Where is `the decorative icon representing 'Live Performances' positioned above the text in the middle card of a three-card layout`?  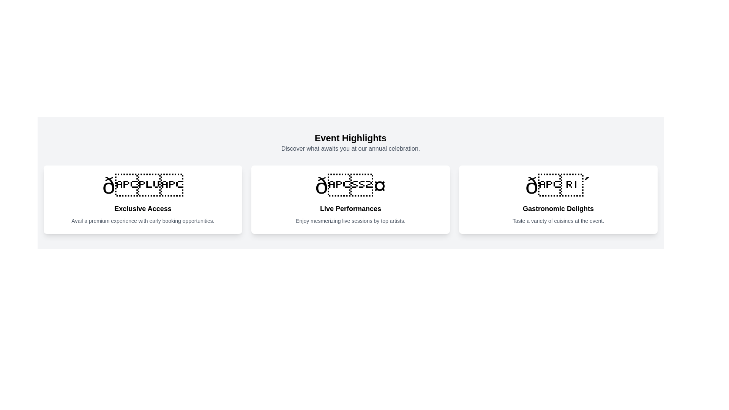
the decorative icon representing 'Live Performances' positioned above the text in the middle card of a three-card layout is located at coordinates (350, 186).